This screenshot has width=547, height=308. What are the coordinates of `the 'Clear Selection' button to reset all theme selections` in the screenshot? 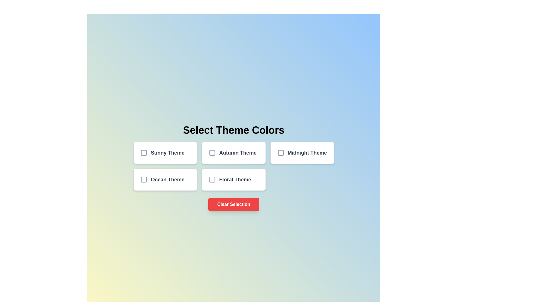 It's located at (234, 204).